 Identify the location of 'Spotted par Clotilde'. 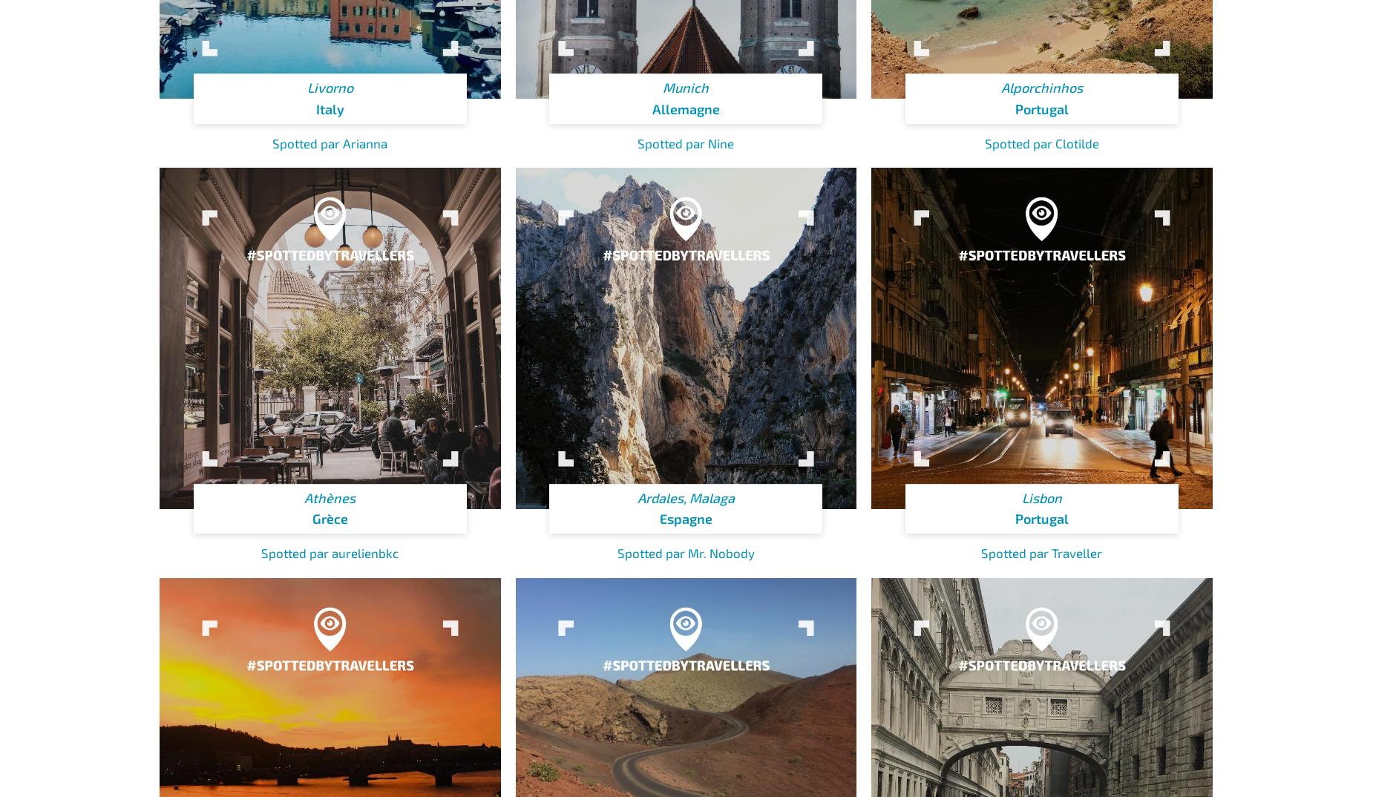
(1041, 142).